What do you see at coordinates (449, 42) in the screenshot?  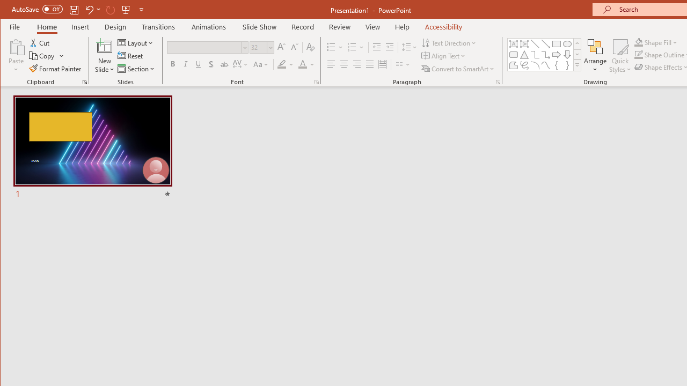 I see `'Text Direction'` at bounding box center [449, 42].